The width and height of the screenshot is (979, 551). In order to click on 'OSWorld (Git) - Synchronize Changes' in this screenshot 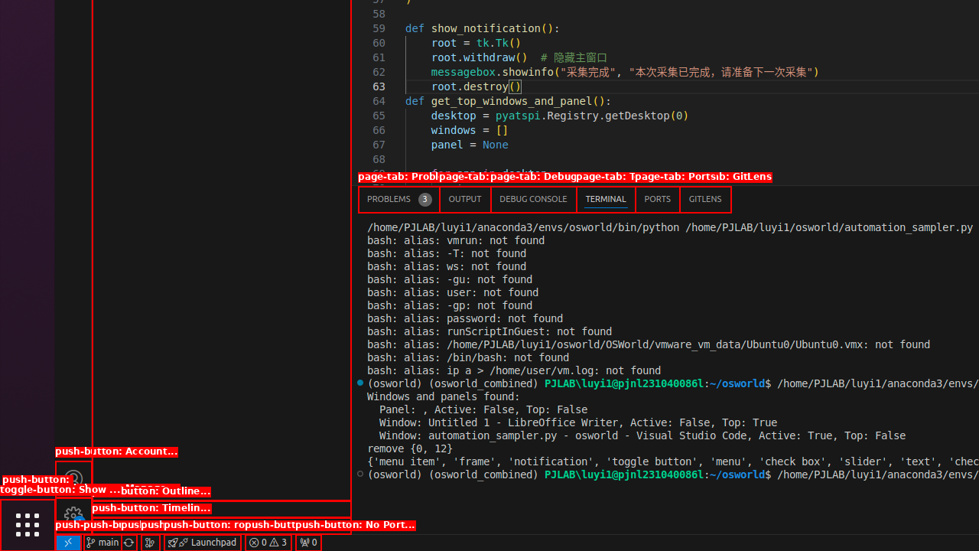, I will do `click(128, 541)`.